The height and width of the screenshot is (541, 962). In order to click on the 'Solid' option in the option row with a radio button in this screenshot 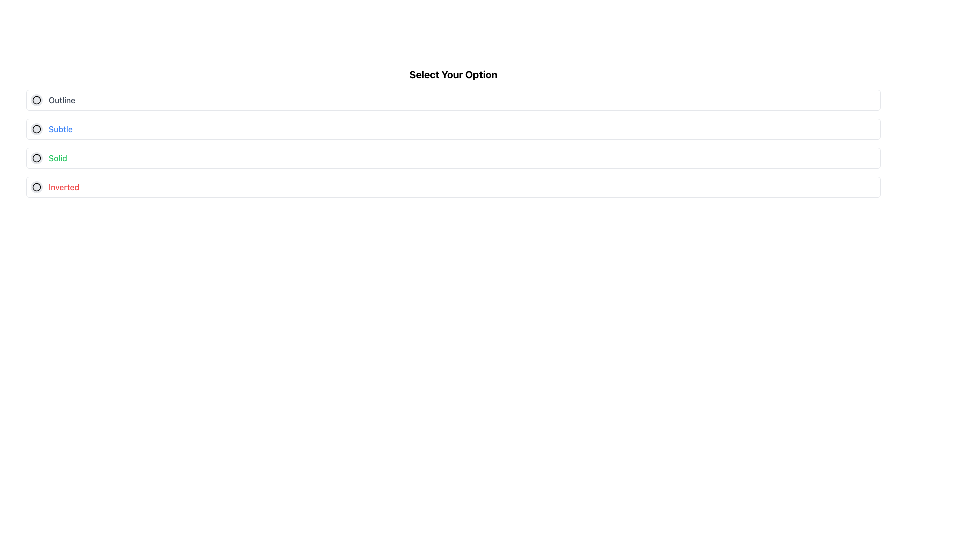, I will do `click(453, 158)`.